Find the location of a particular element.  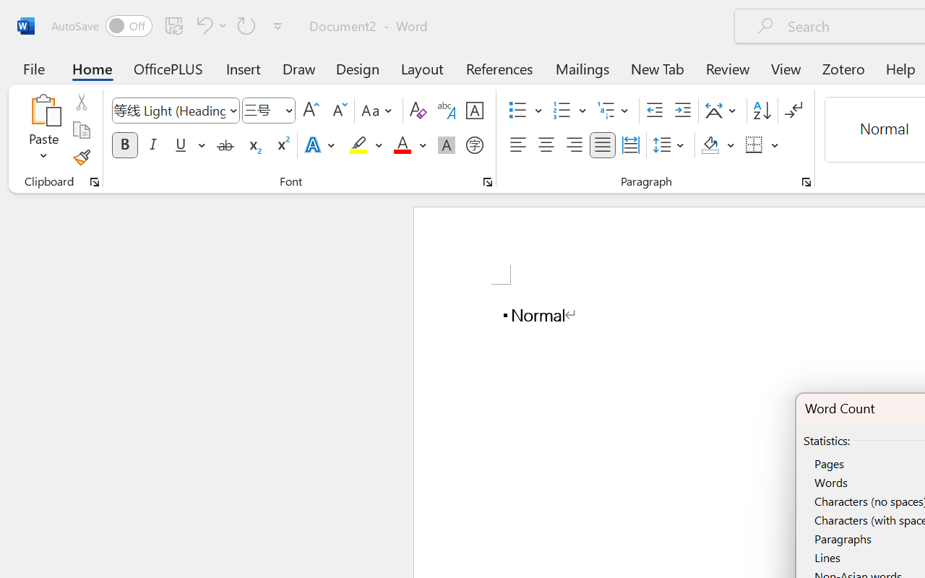

'Underline' is located at coordinates (180, 145).